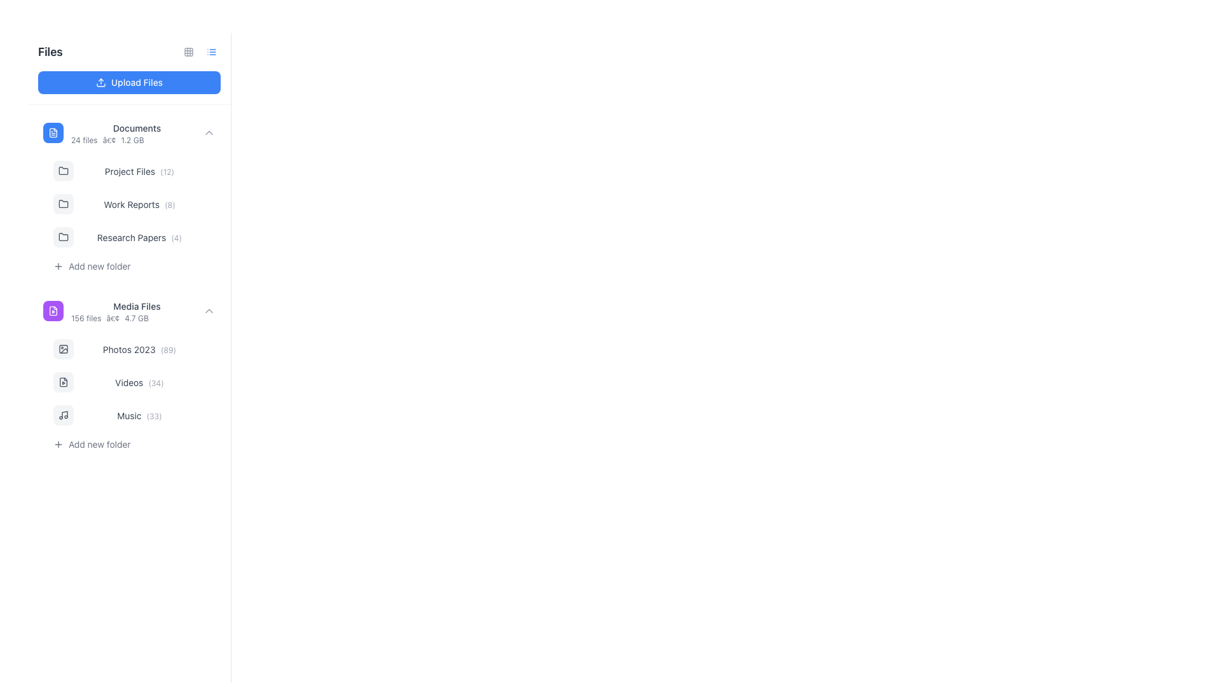 This screenshot has height=687, width=1221. Describe the element at coordinates (188, 51) in the screenshot. I see `the grid view button located in the top-right corner of the file navigation section` at that location.